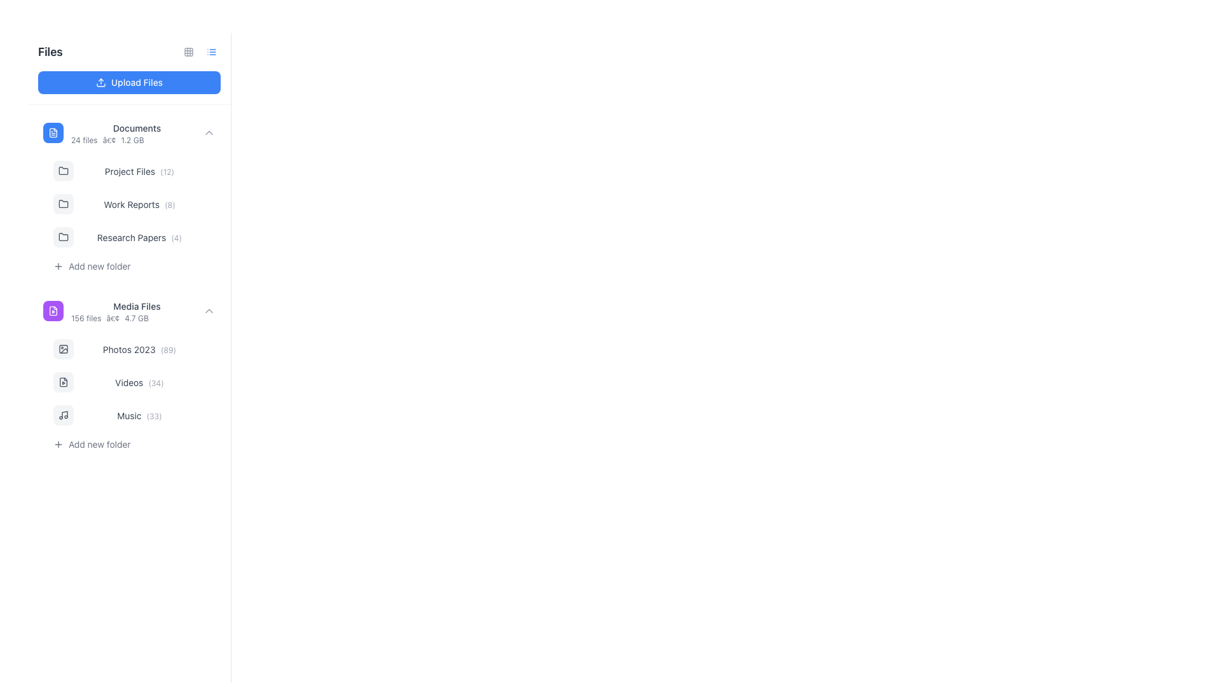 This screenshot has height=687, width=1221. Describe the element at coordinates (188, 51) in the screenshot. I see `the grid view button located in the top-right corner of the file navigation section` at that location.